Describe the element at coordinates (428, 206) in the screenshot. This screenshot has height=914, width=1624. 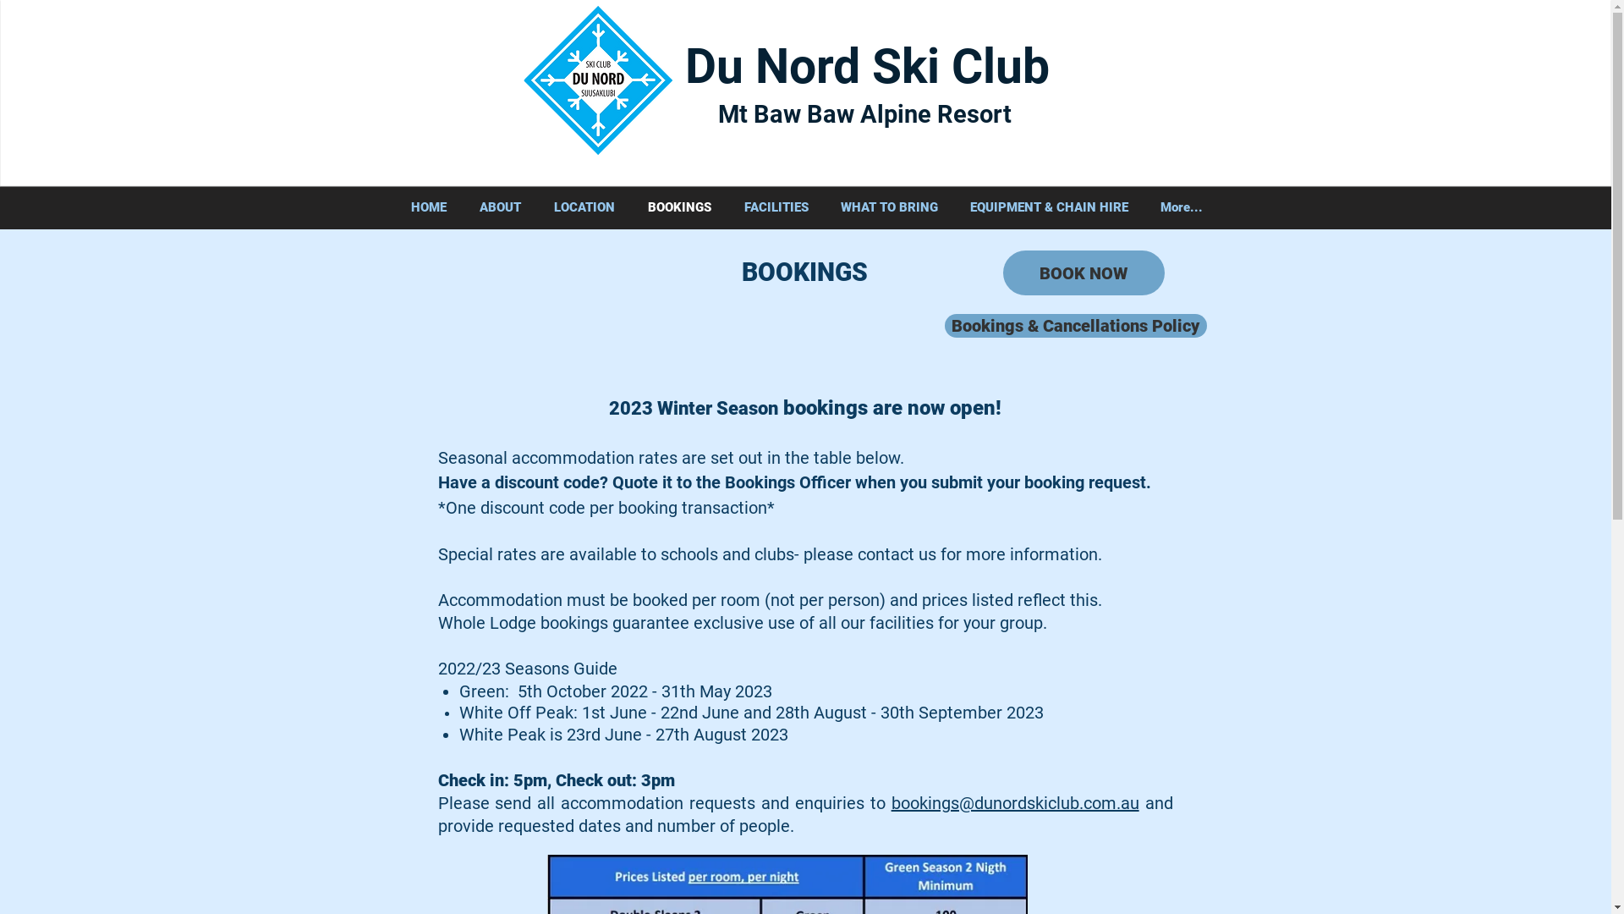
I see `'HOME'` at that location.